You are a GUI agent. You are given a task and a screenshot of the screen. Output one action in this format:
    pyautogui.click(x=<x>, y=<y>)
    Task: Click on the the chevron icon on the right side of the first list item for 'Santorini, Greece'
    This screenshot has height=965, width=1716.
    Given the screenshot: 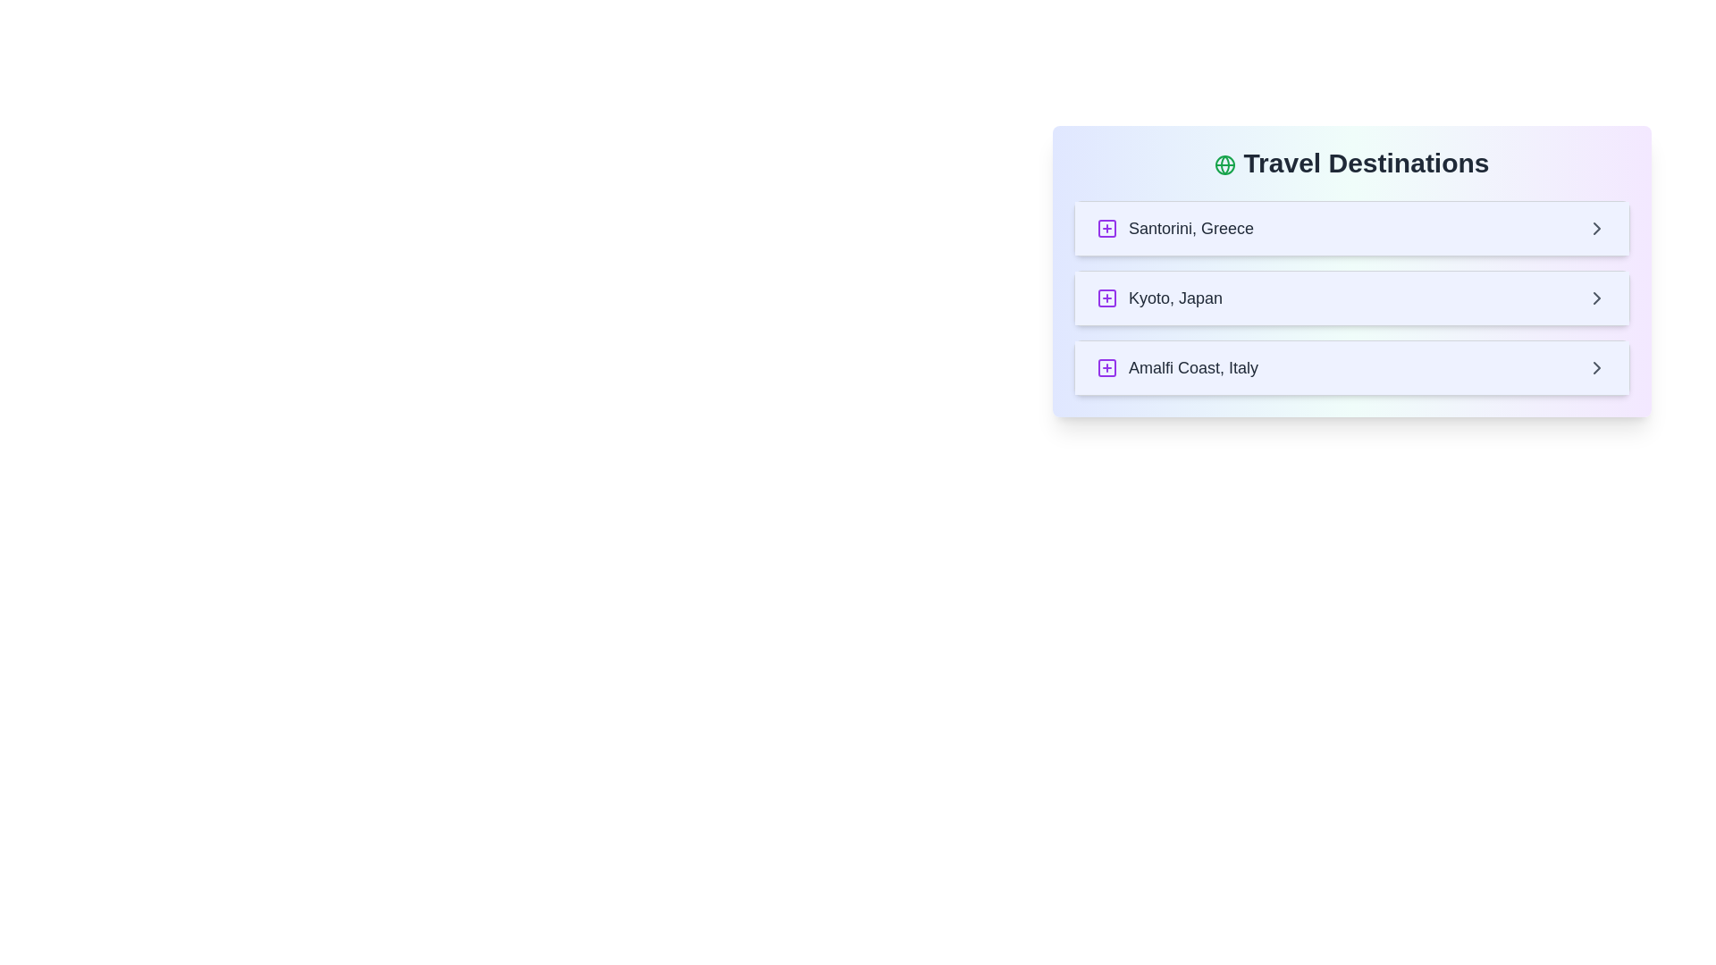 What is the action you would take?
    pyautogui.click(x=1596, y=227)
    